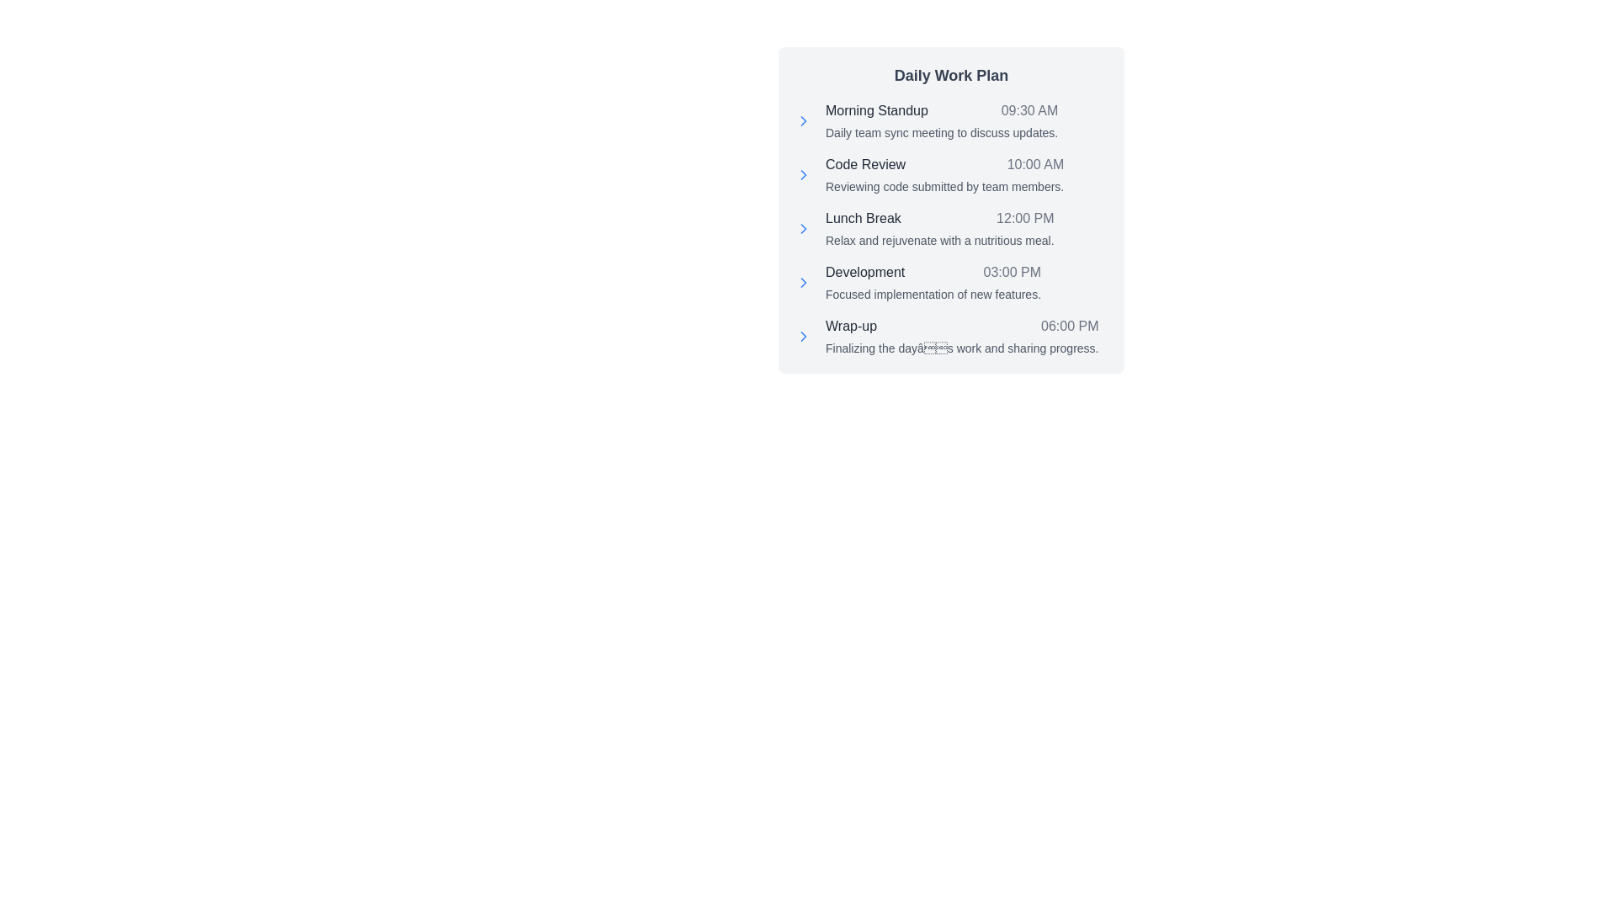  What do you see at coordinates (803, 337) in the screenshot?
I see `the leading icon for the 'Wrap-up' item located at the bottom of the list in the panel` at bounding box center [803, 337].